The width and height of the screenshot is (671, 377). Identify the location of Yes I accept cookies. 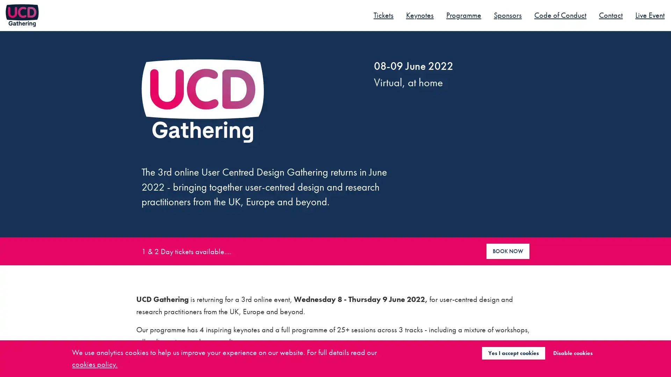
(513, 353).